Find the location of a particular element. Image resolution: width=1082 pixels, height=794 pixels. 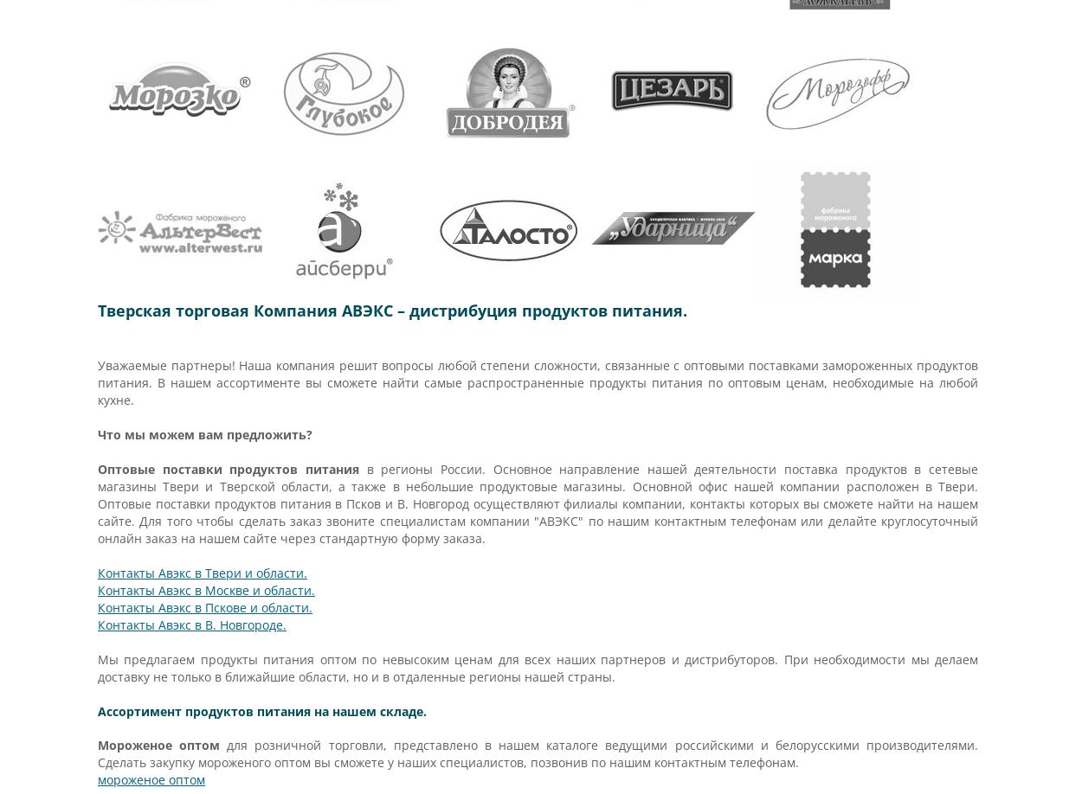

'Ассортимент продуктов питания на нашем складе.' is located at coordinates (262, 711).